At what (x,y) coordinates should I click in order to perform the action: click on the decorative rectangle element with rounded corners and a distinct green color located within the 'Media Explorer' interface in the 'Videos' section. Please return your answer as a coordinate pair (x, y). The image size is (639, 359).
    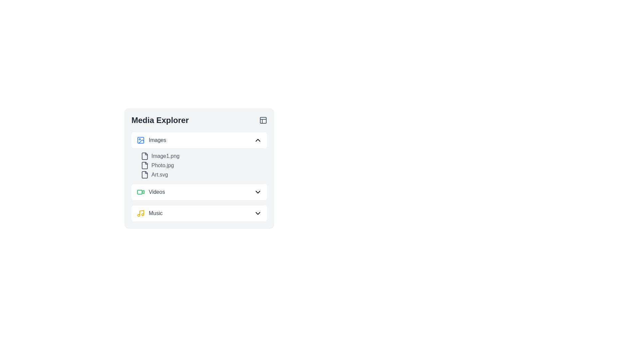
    Looking at the image, I should click on (139, 192).